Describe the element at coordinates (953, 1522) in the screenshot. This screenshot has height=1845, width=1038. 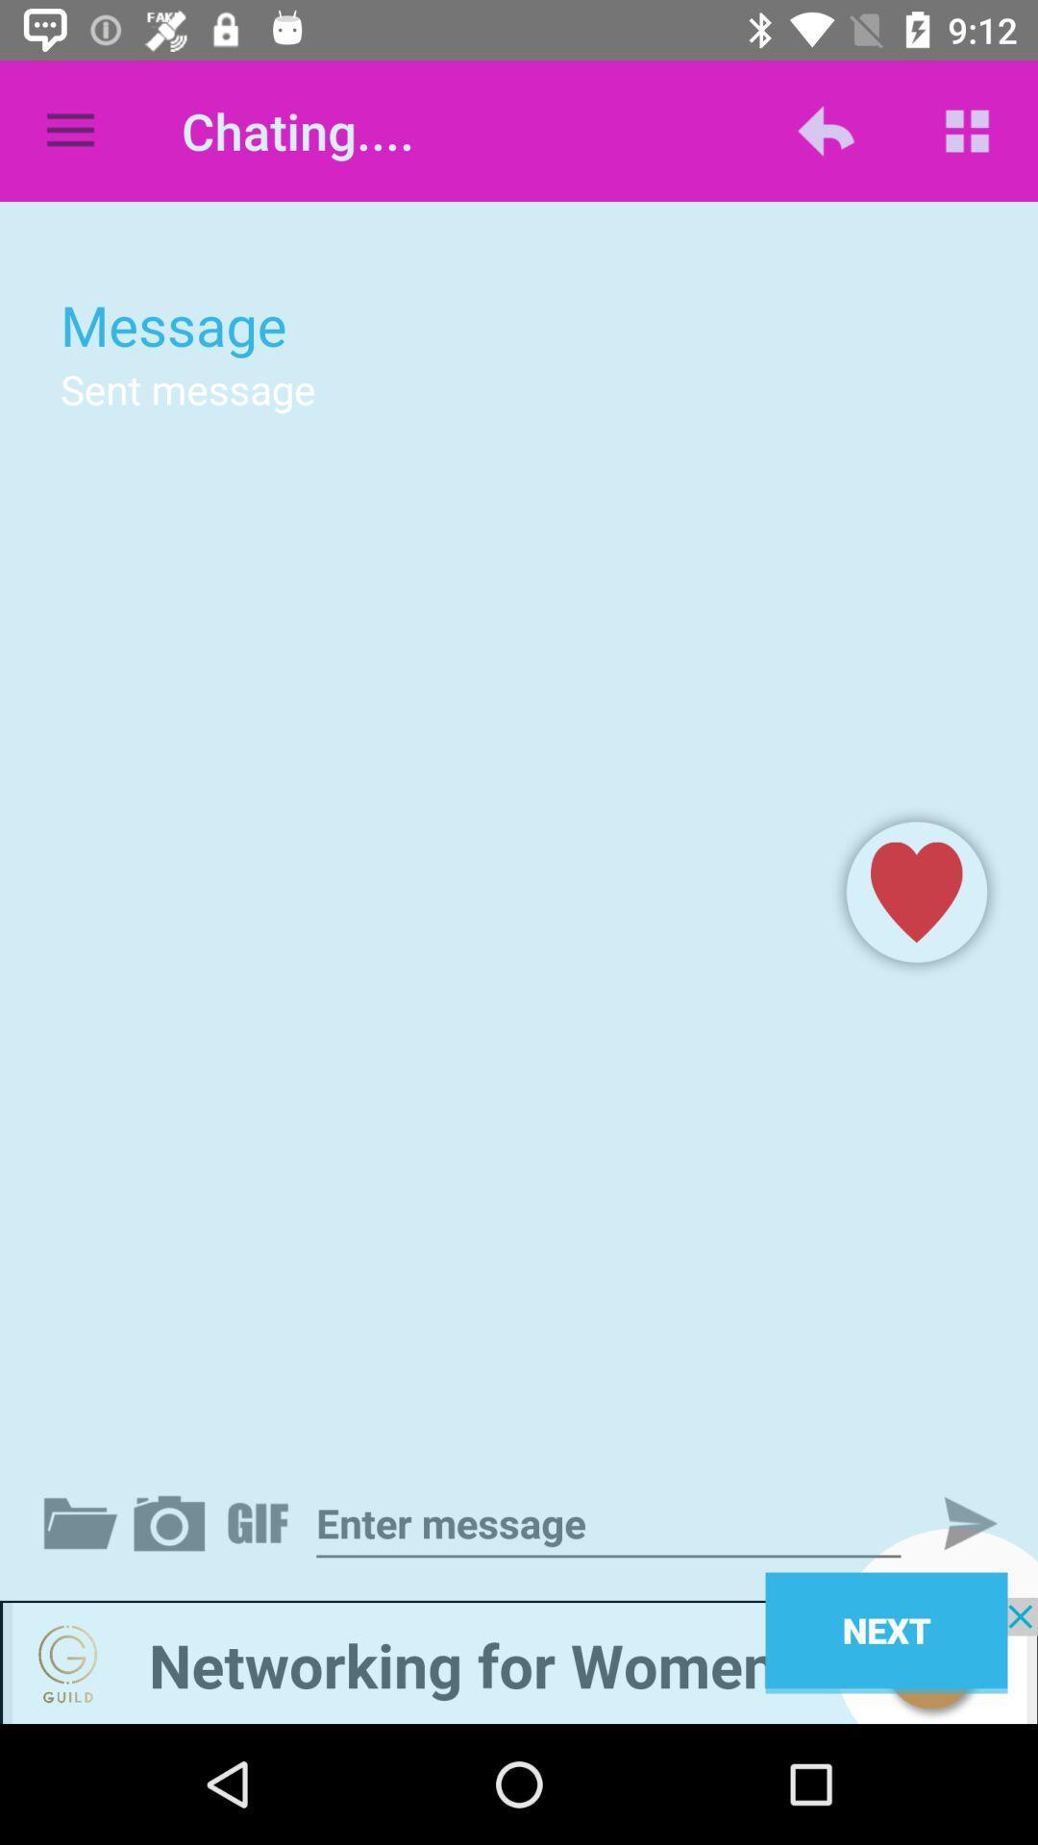
I see `send message` at that location.